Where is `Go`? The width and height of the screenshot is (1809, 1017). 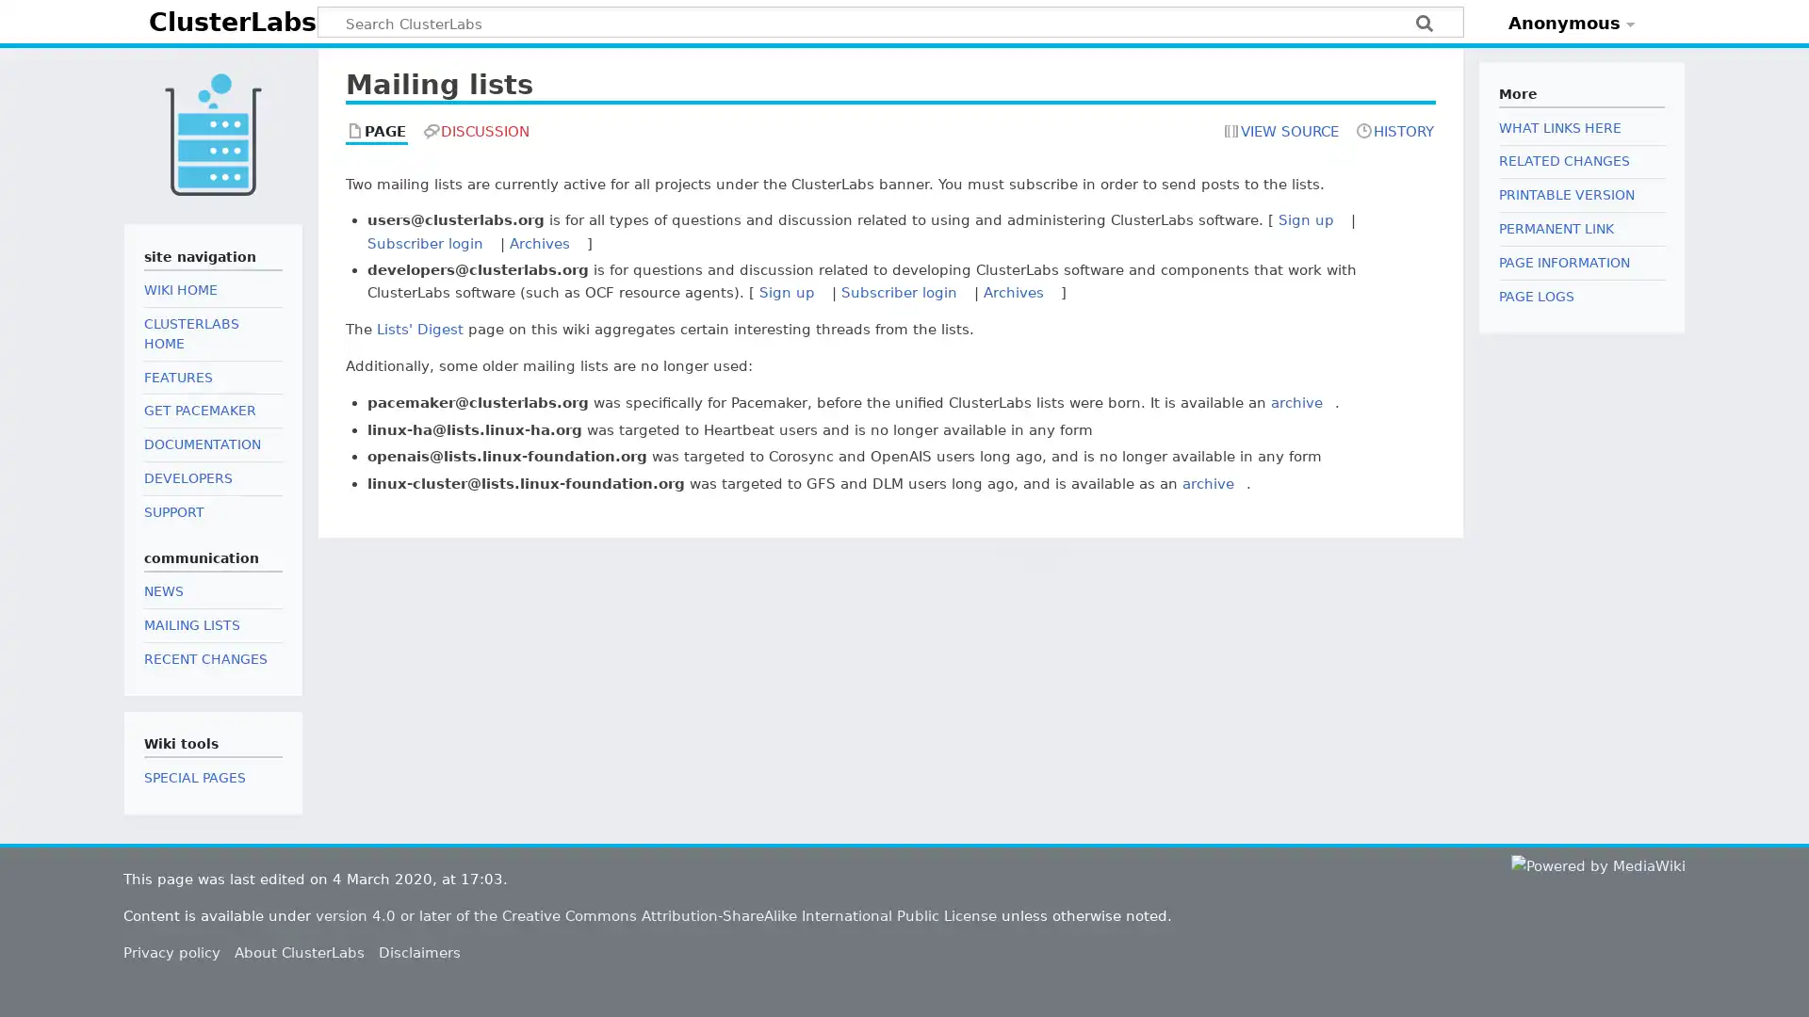
Go is located at coordinates (1425, 24).